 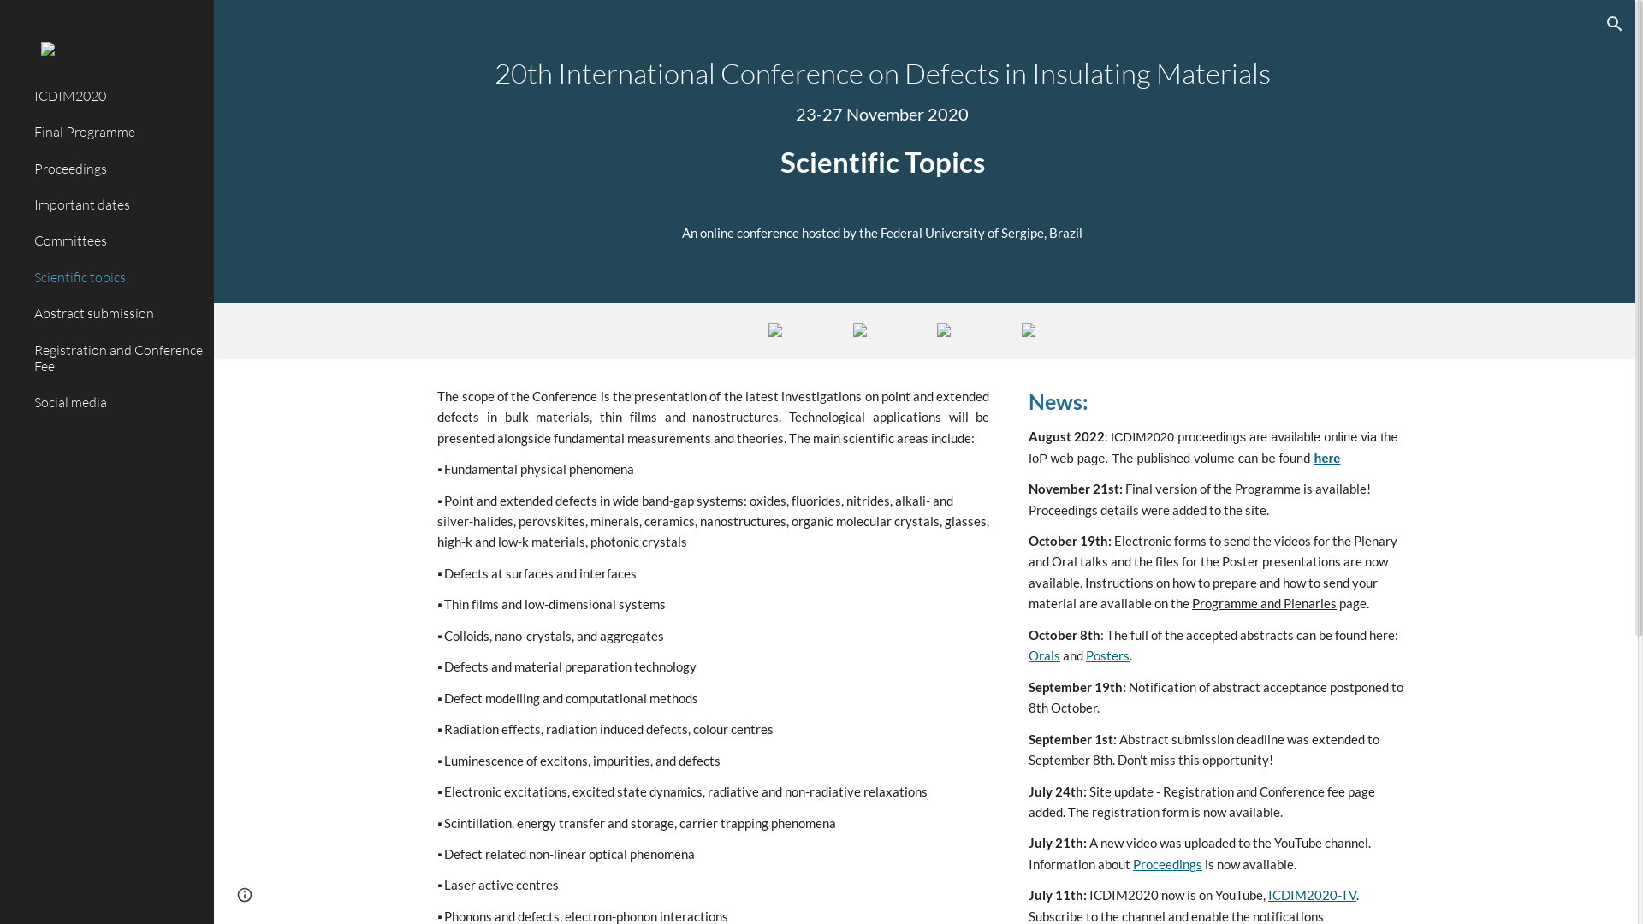 I want to click on 'Registration and Conference Fee', so click(x=116, y=358).